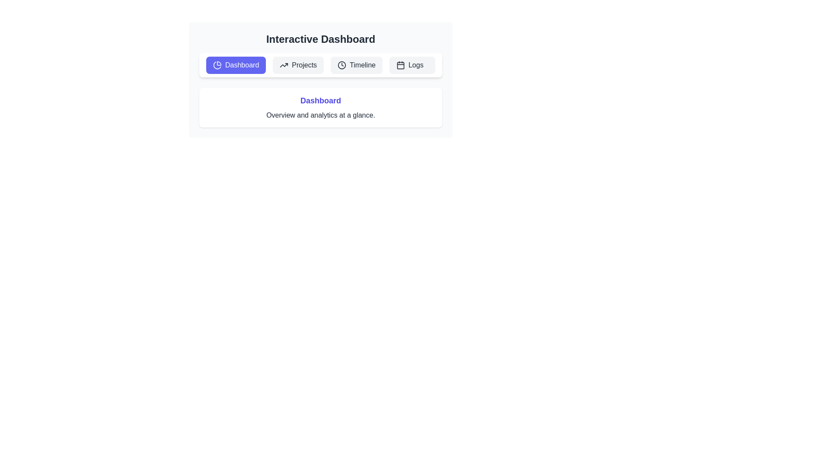 The image size is (830, 467). Describe the element at coordinates (304, 64) in the screenshot. I see `the 'Projects' navigation button label, which is the static text within a button component located at the top-center of the interface, positioned between the 'Dashboard' and 'Timeline' buttons` at that location.